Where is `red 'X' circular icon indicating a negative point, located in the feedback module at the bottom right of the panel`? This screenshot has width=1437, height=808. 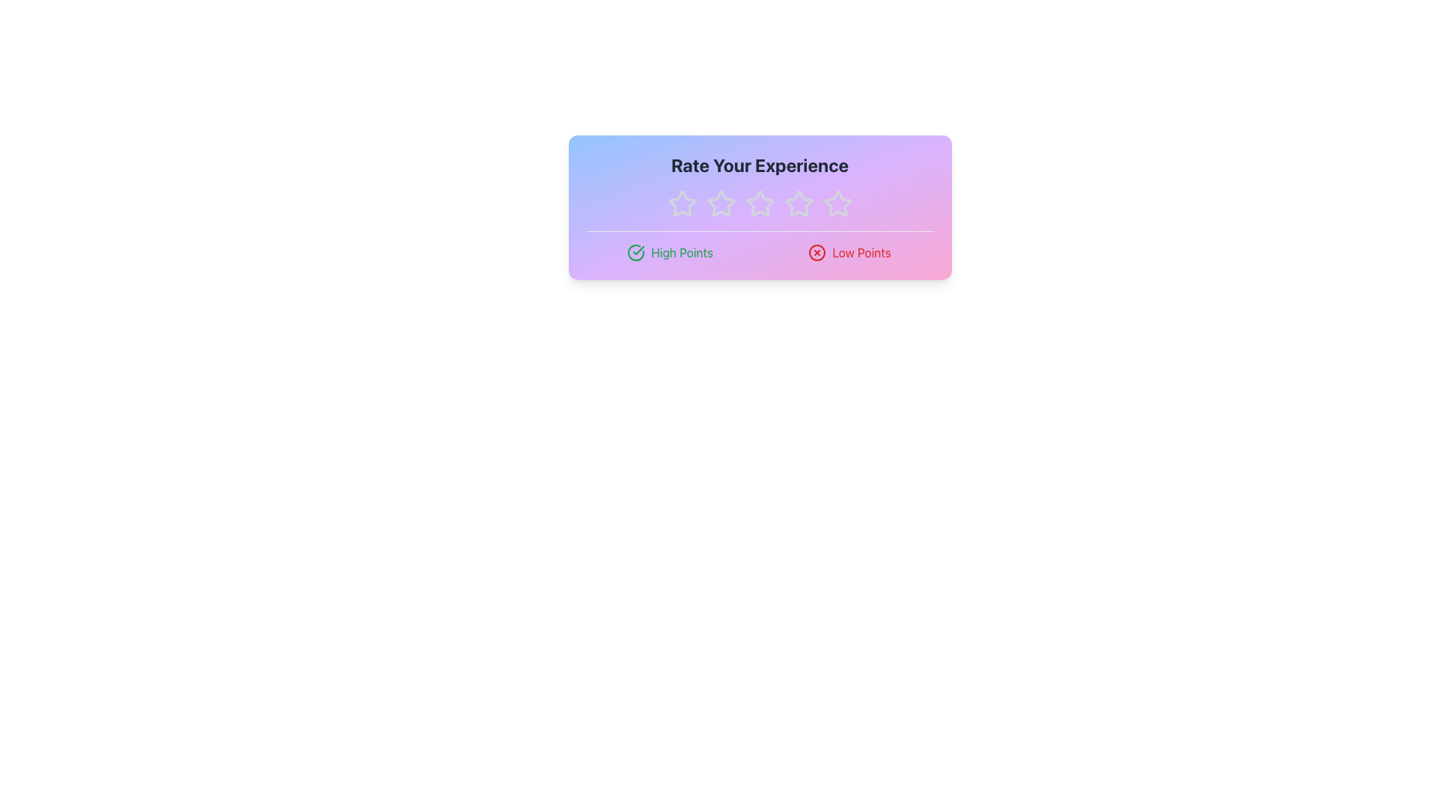
red 'X' circular icon indicating a negative point, located in the feedback module at the bottom right of the panel is located at coordinates (817, 252).